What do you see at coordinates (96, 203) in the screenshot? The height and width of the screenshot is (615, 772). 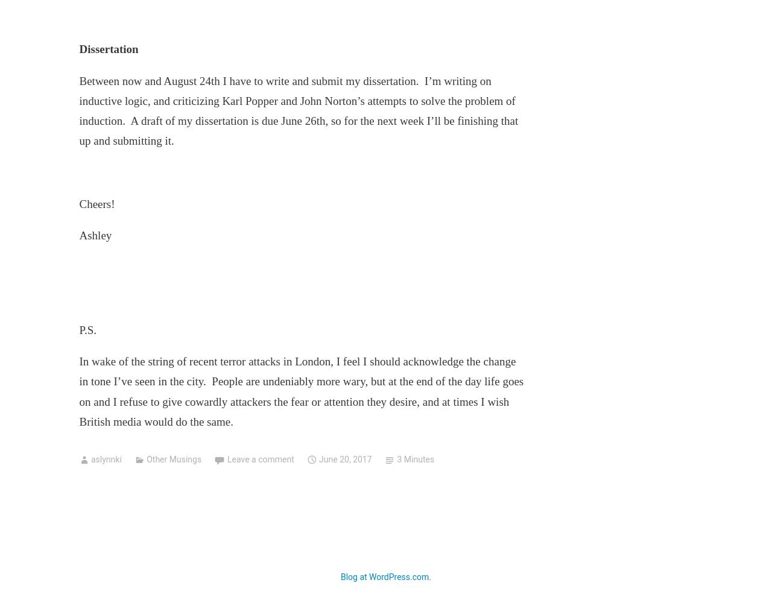 I see `'Cheers!'` at bounding box center [96, 203].